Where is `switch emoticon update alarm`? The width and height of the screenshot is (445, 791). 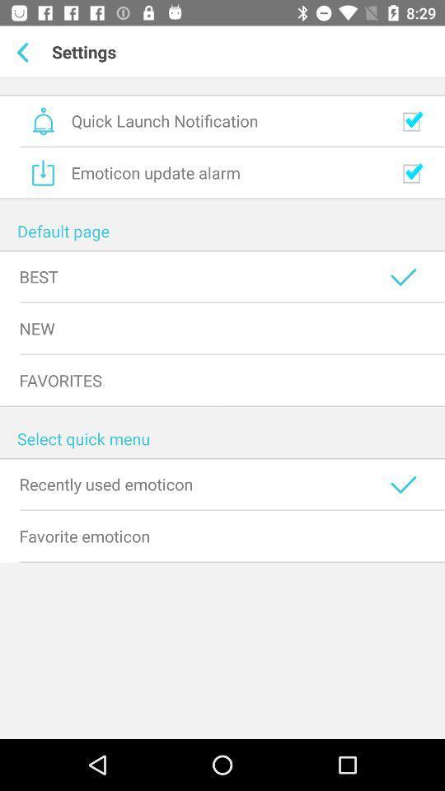
switch emoticon update alarm is located at coordinates (411, 173).